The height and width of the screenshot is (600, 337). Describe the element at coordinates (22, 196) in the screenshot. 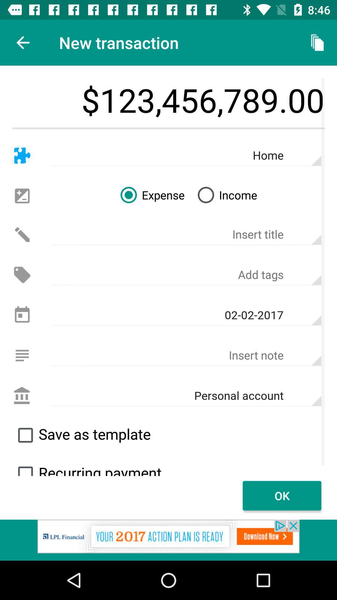

I see `increase decrease option` at that location.